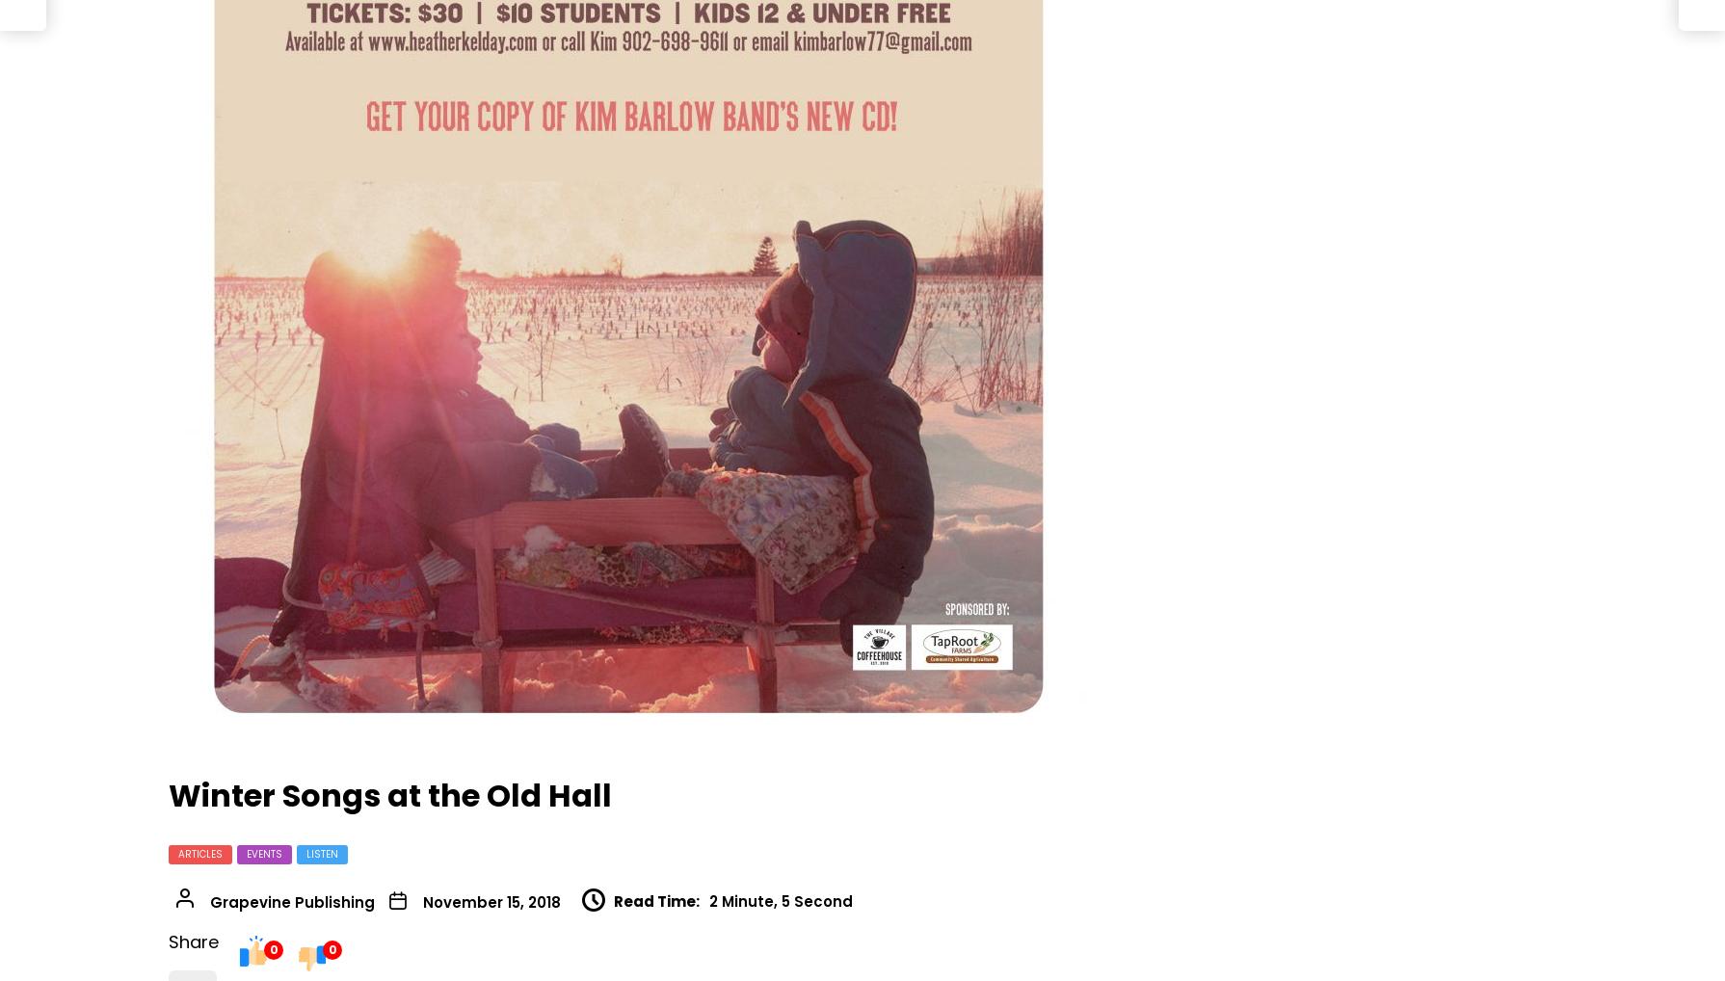  What do you see at coordinates (264, 853) in the screenshot?
I see `'Events'` at bounding box center [264, 853].